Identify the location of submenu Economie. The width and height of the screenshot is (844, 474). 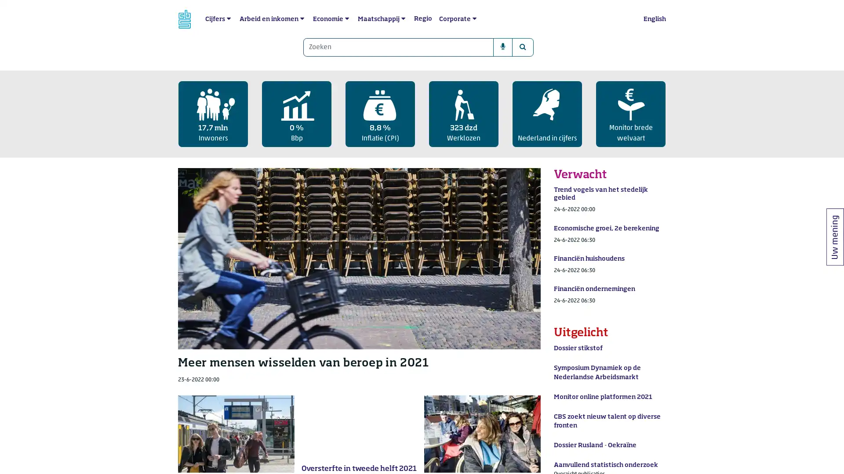
(346, 18).